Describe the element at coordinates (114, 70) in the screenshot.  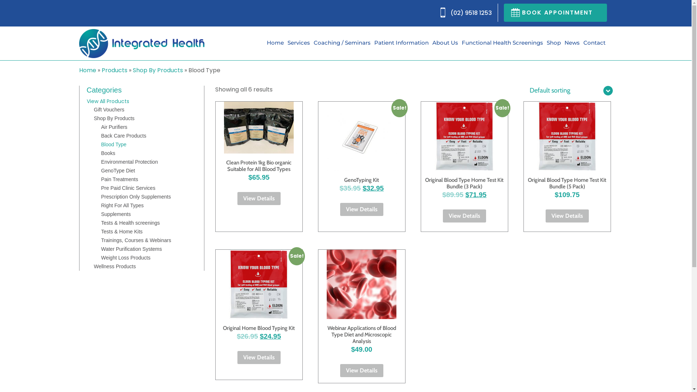
I see `'Products'` at that location.